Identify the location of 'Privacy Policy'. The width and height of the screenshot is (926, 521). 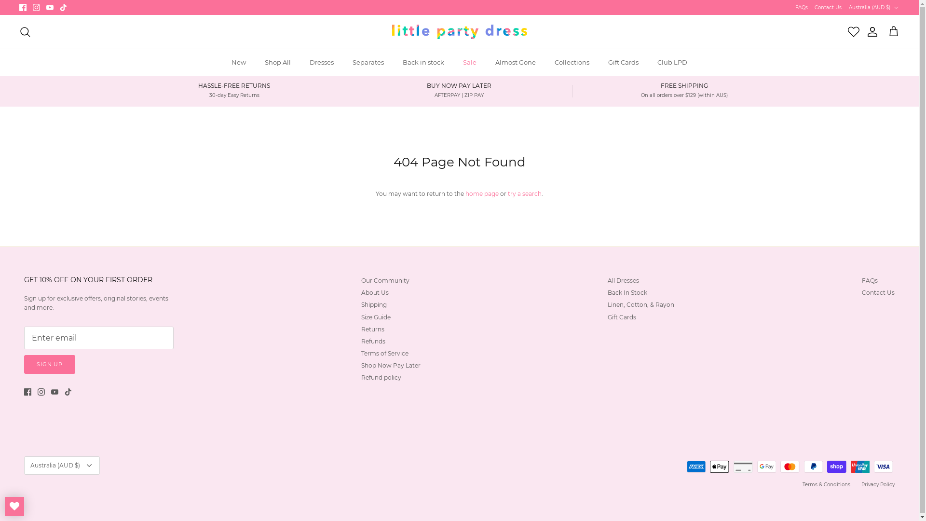
(878, 484).